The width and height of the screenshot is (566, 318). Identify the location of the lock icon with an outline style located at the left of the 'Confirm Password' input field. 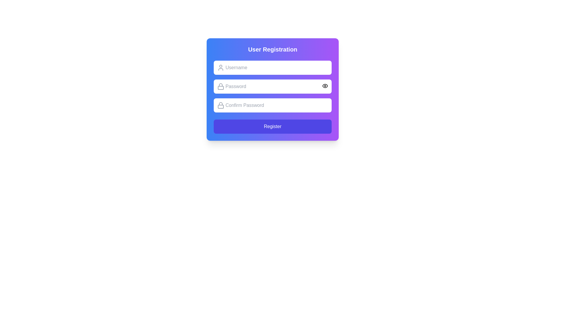
(220, 105).